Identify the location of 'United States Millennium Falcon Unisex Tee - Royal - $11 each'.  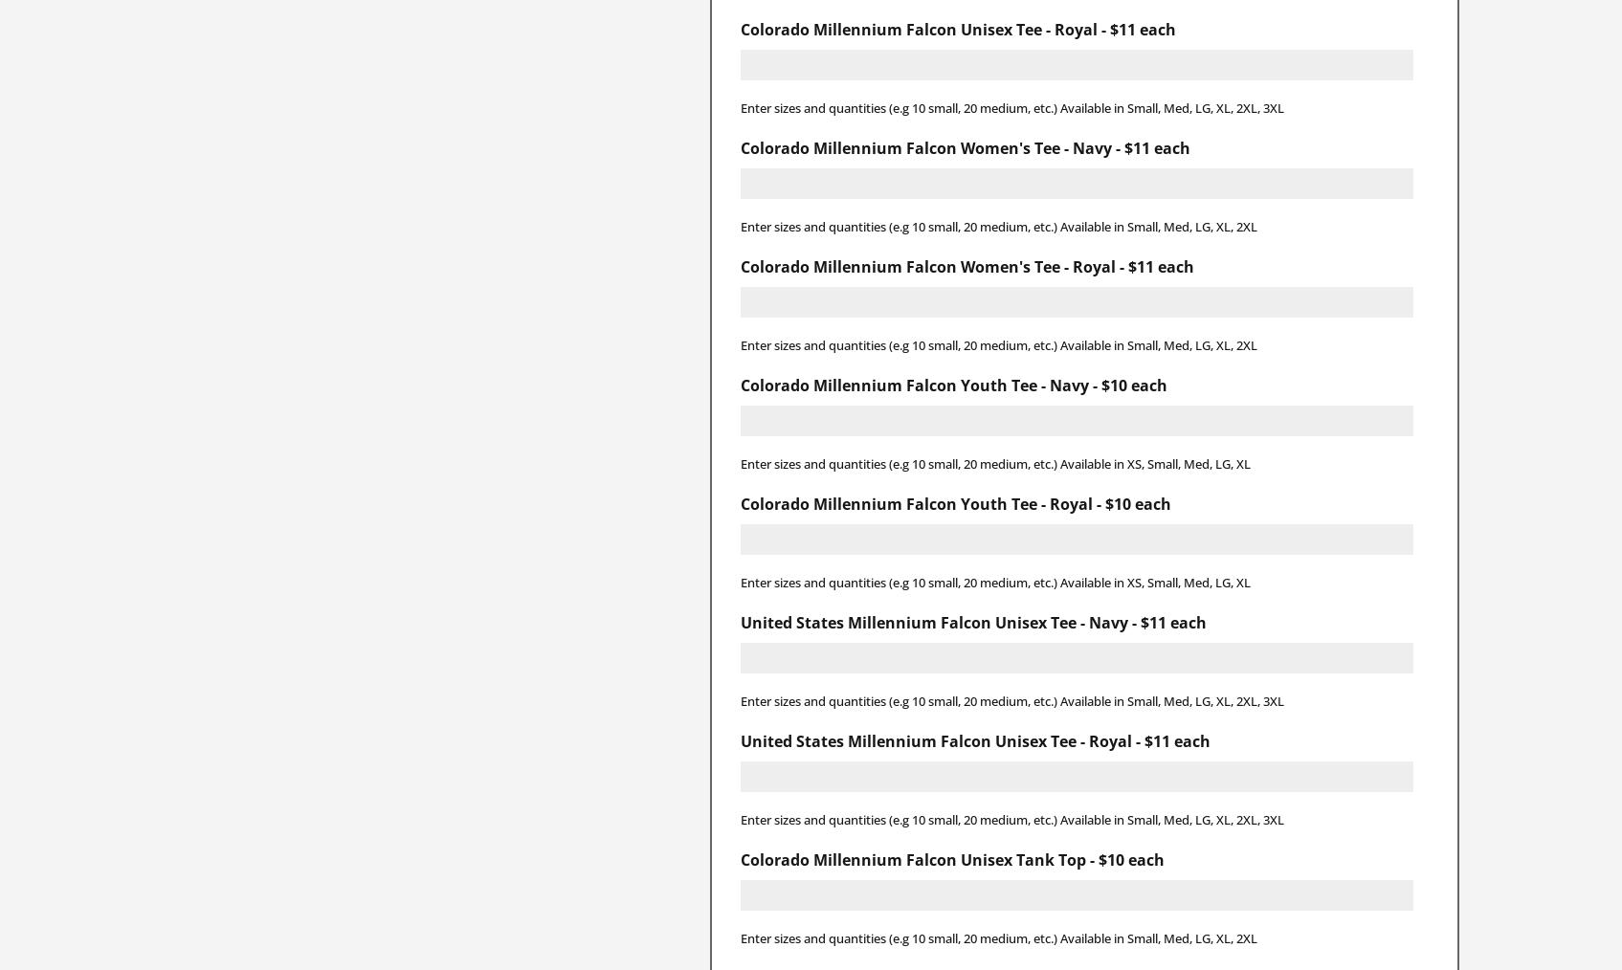
(973, 739).